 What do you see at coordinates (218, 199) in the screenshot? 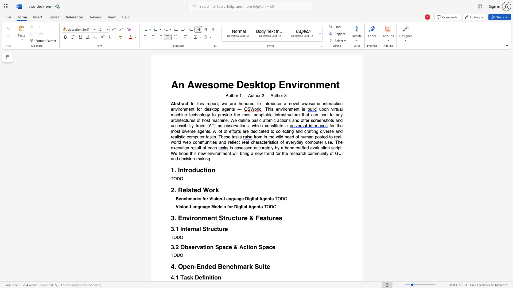
I see `the 2th character "o" in the text` at bounding box center [218, 199].